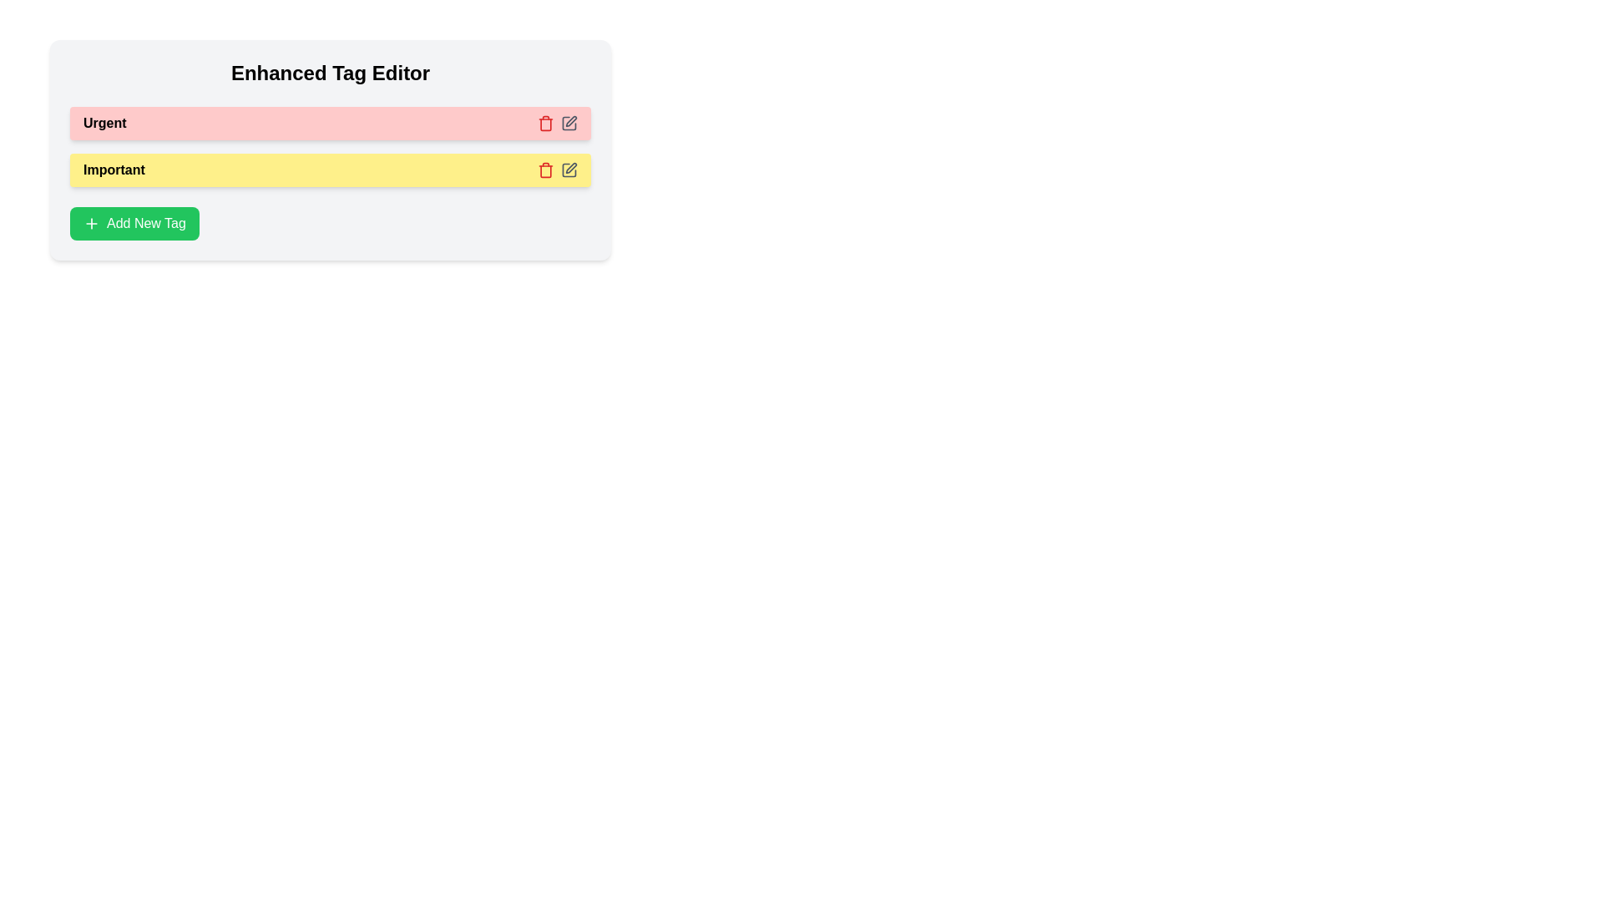  What do you see at coordinates (571, 120) in the screenshot?
I see `the edit icon located near the right side of the pink 'Urgent' tag, which allows the user to modify the associated content` at bounding box center [571, 120].